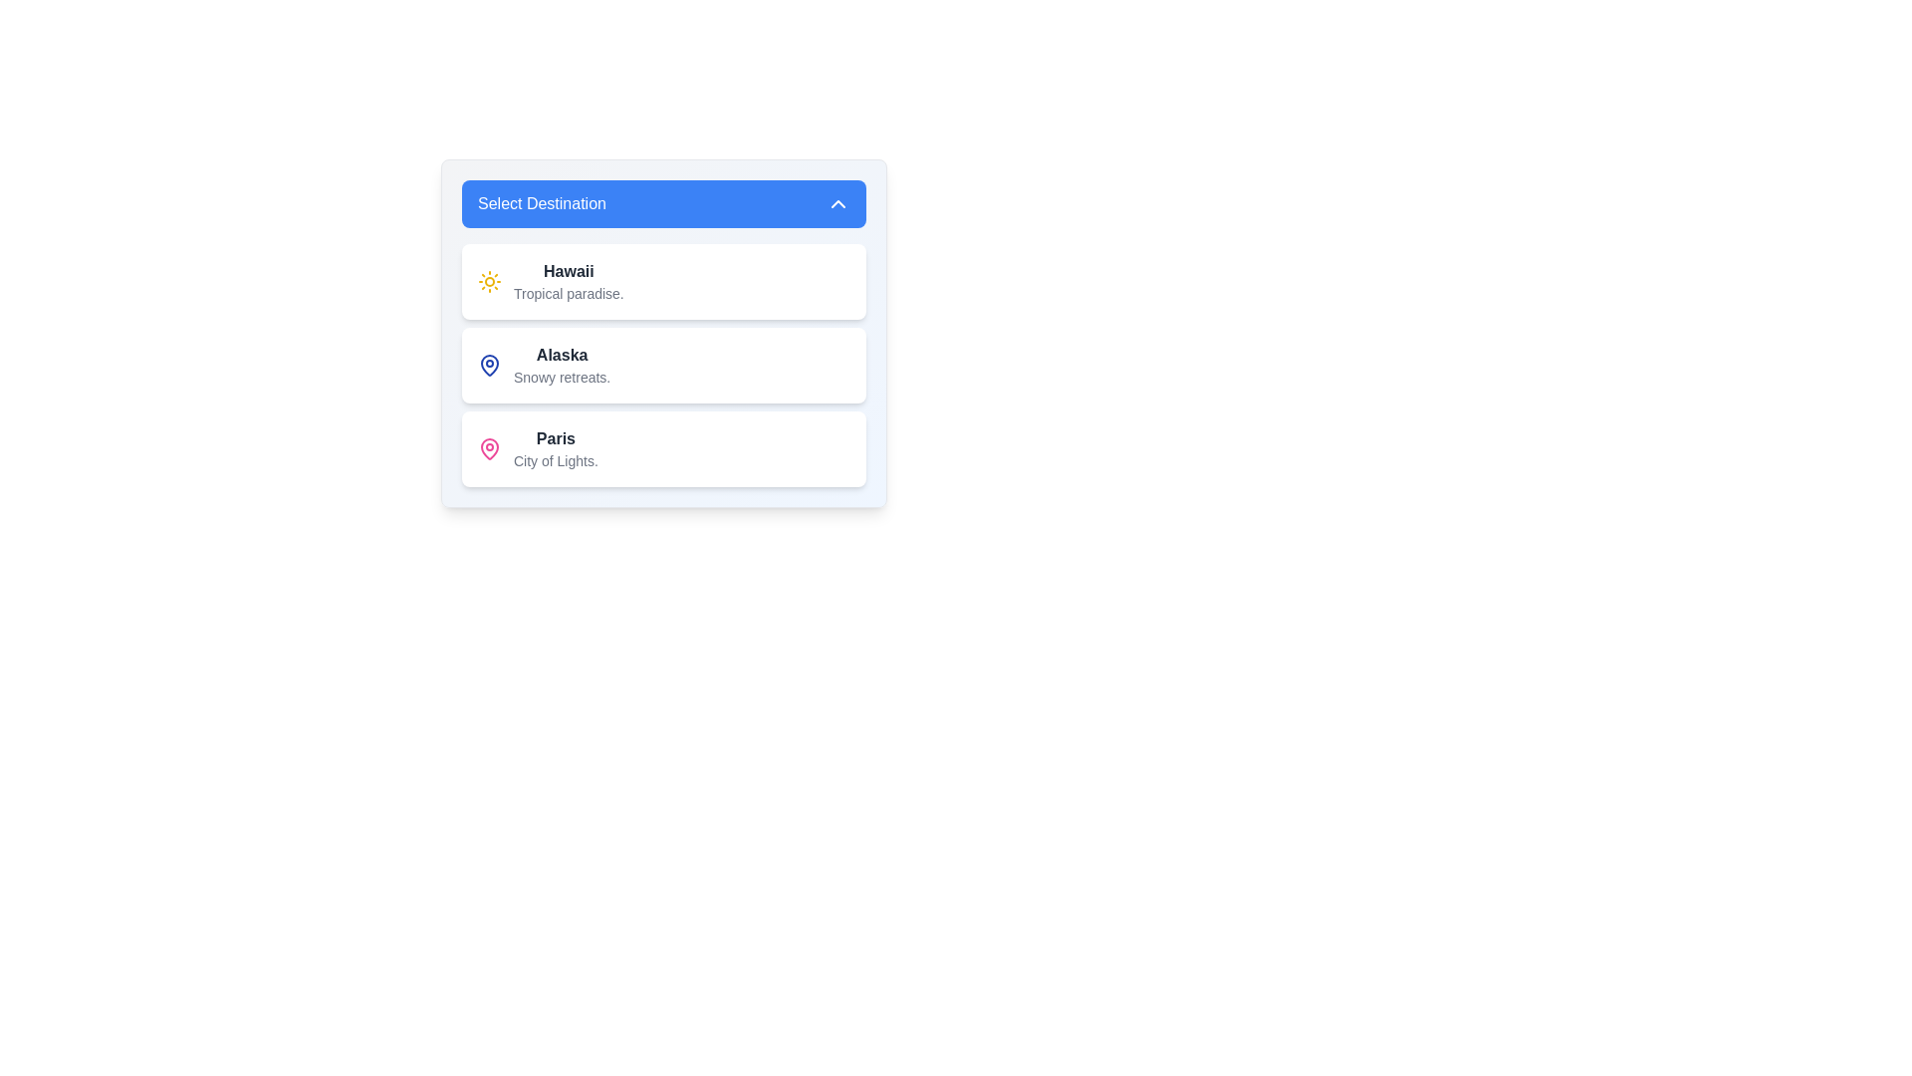 The image size is (1912, 1076). Describe the element at coordinates (556, 449) in the screenshot. I see `the third Text content block in the vertical list of destination items, which displays information about Paris` at that location.